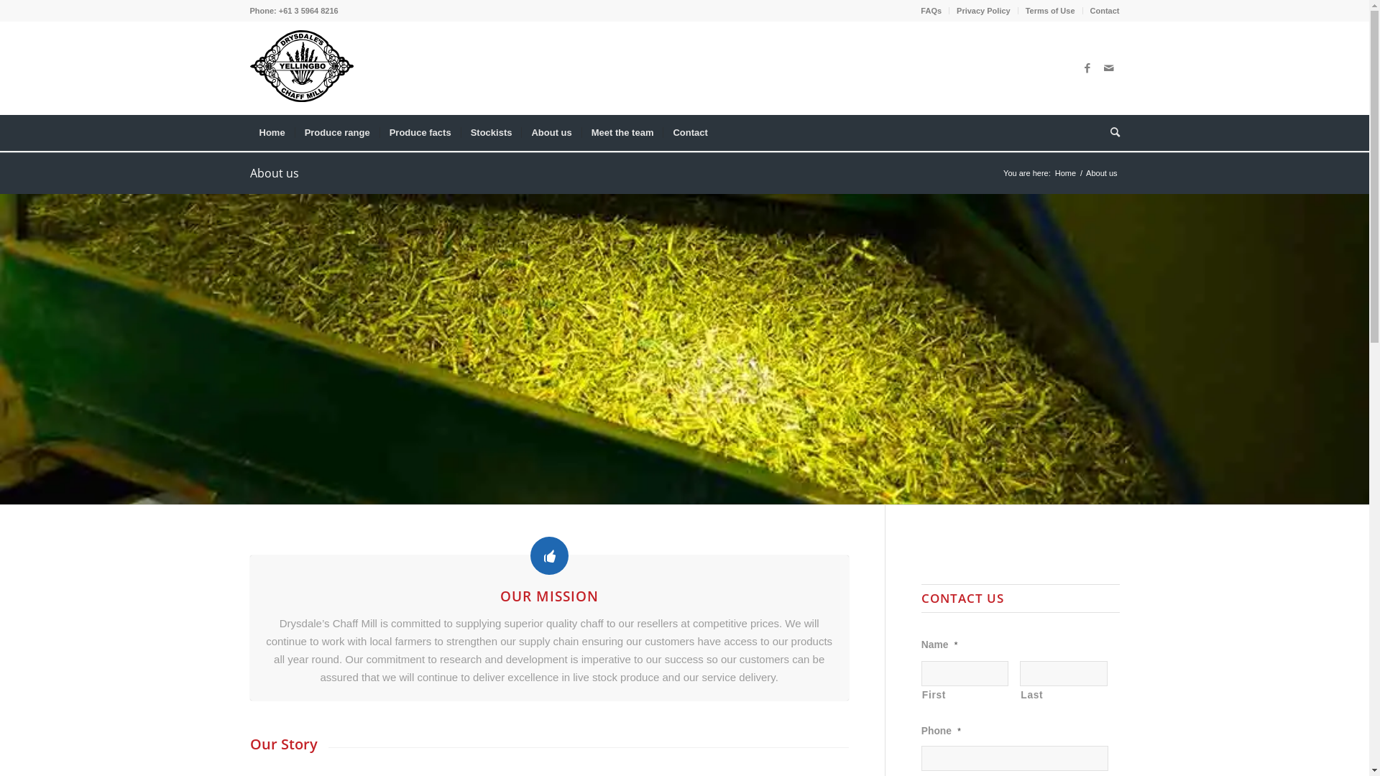  I want to click on 'Privacy Policy', so click(956, 11).